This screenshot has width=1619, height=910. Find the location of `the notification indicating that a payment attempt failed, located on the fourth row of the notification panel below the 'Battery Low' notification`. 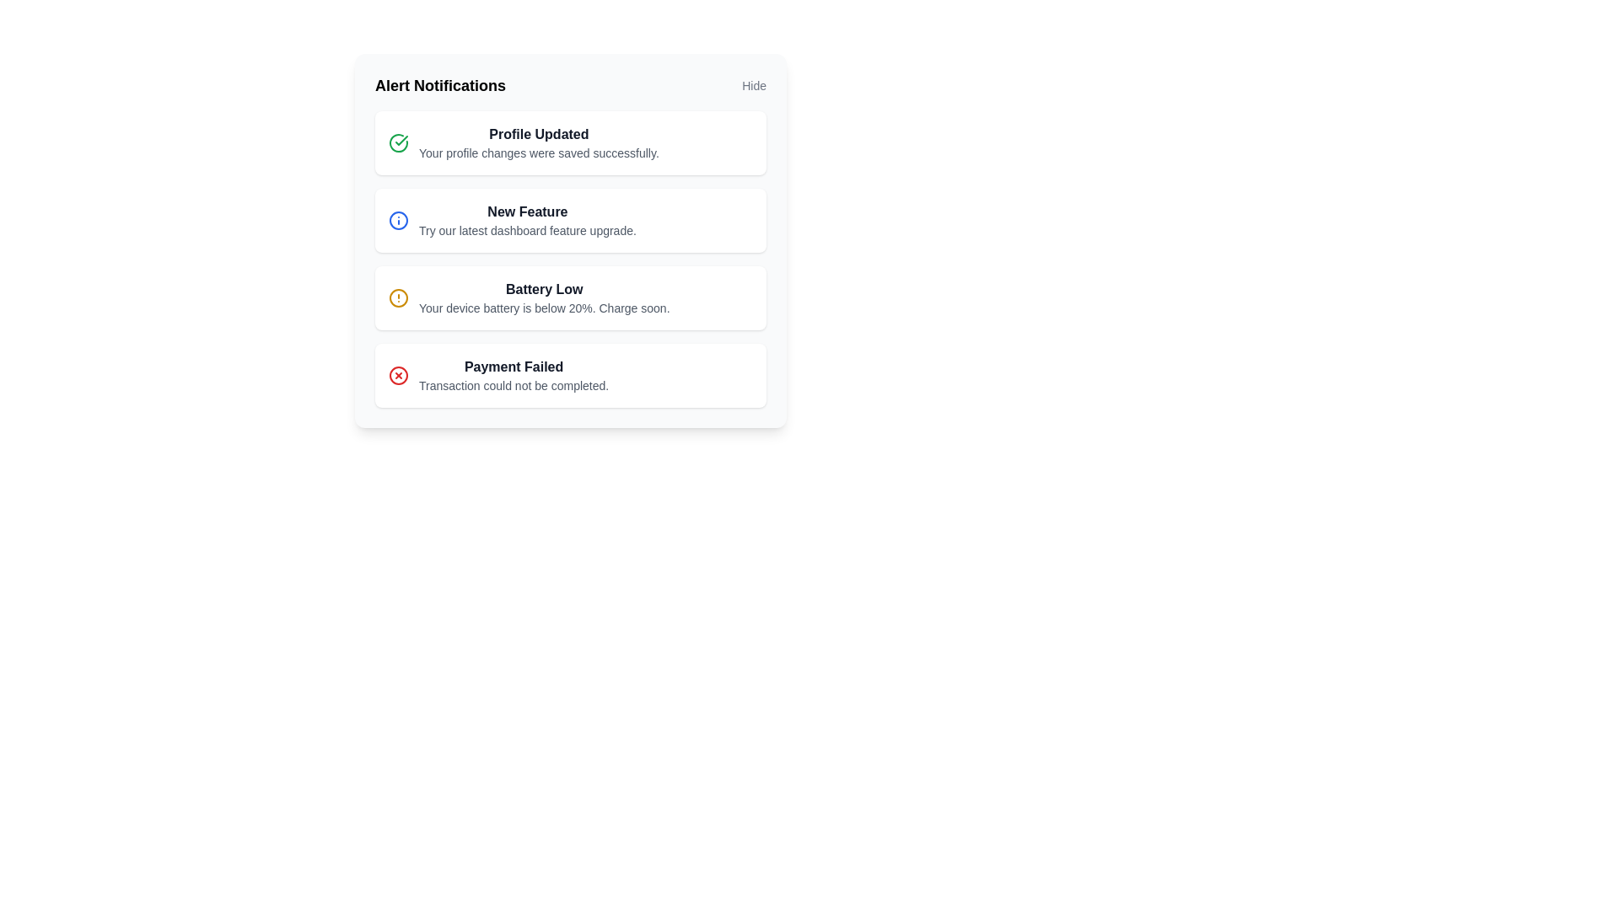

the notification indicating that a payment attempt failed, located on the fourth row of the notification panel below the 'Battery Low' notification is located at coordinates (513, 375).